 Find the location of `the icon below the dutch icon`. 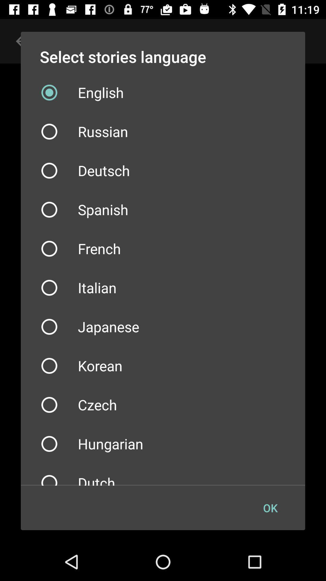

the icon below the dutch icon is located at coordinates (270, 508).